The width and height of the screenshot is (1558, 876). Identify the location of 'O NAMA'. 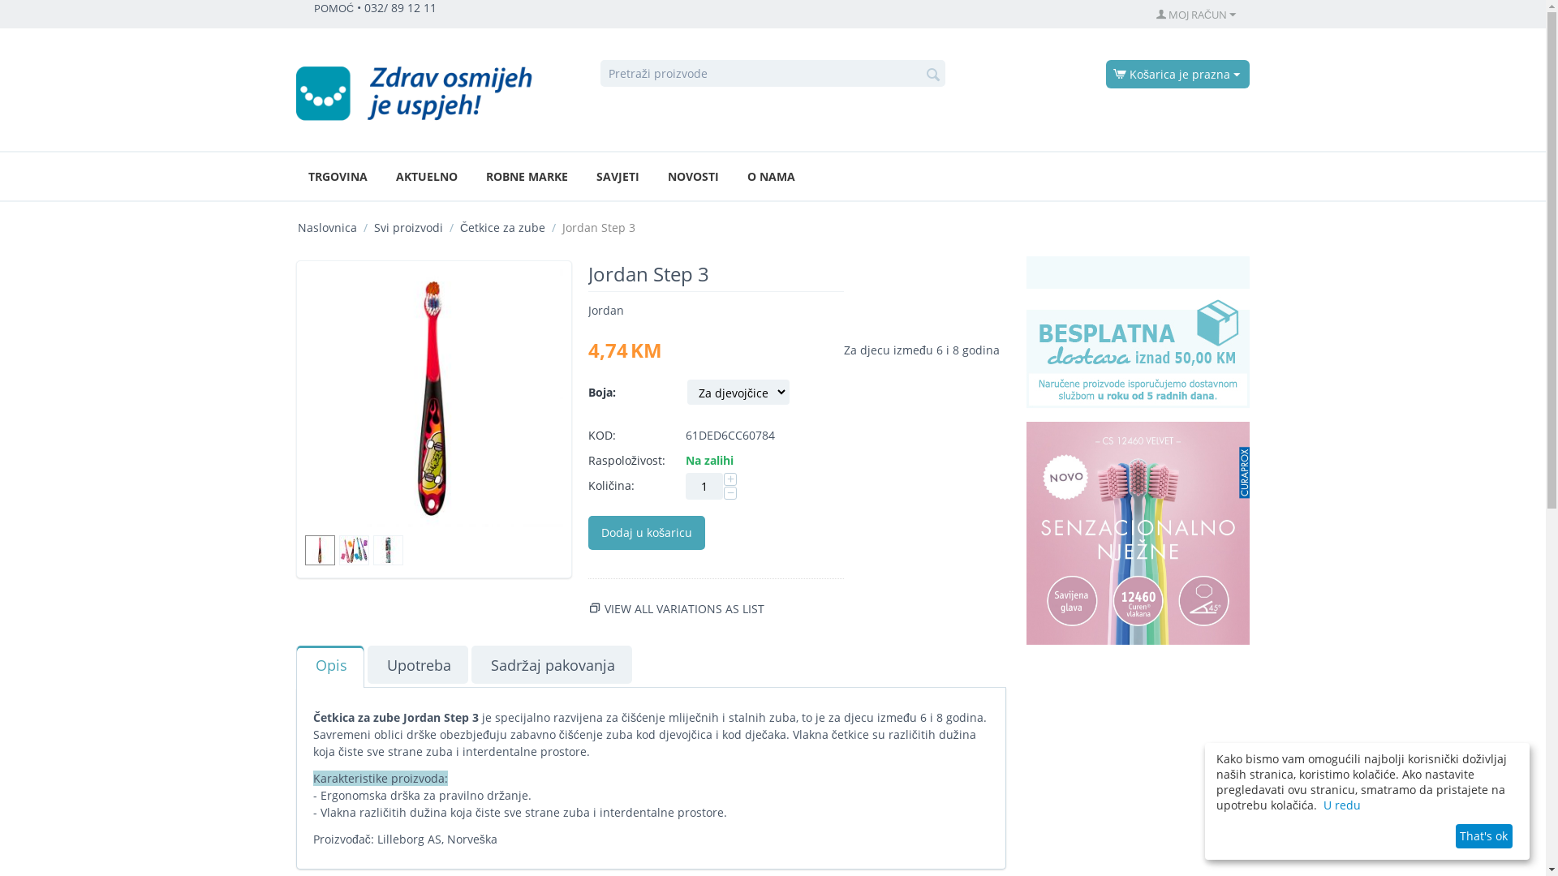
(770, 176).